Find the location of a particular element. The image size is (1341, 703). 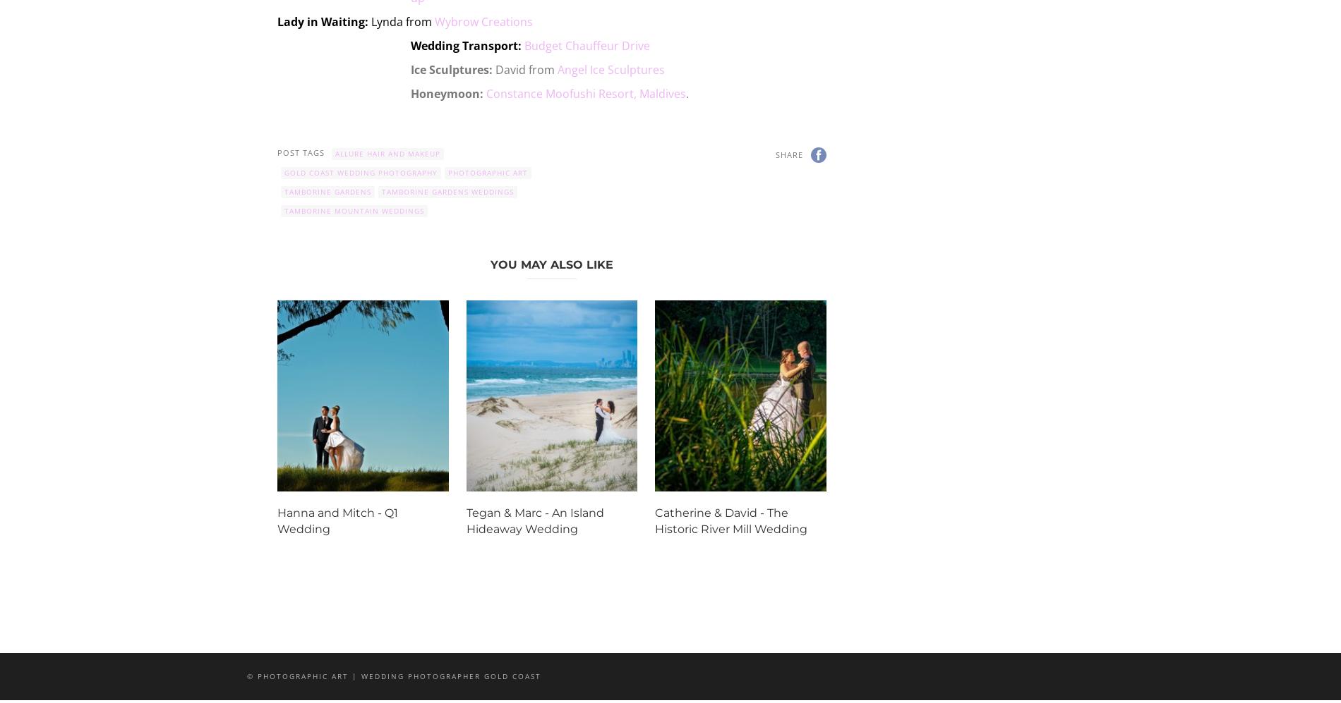

'tamborine gardens weddings' is located at coordinates (447, 190).